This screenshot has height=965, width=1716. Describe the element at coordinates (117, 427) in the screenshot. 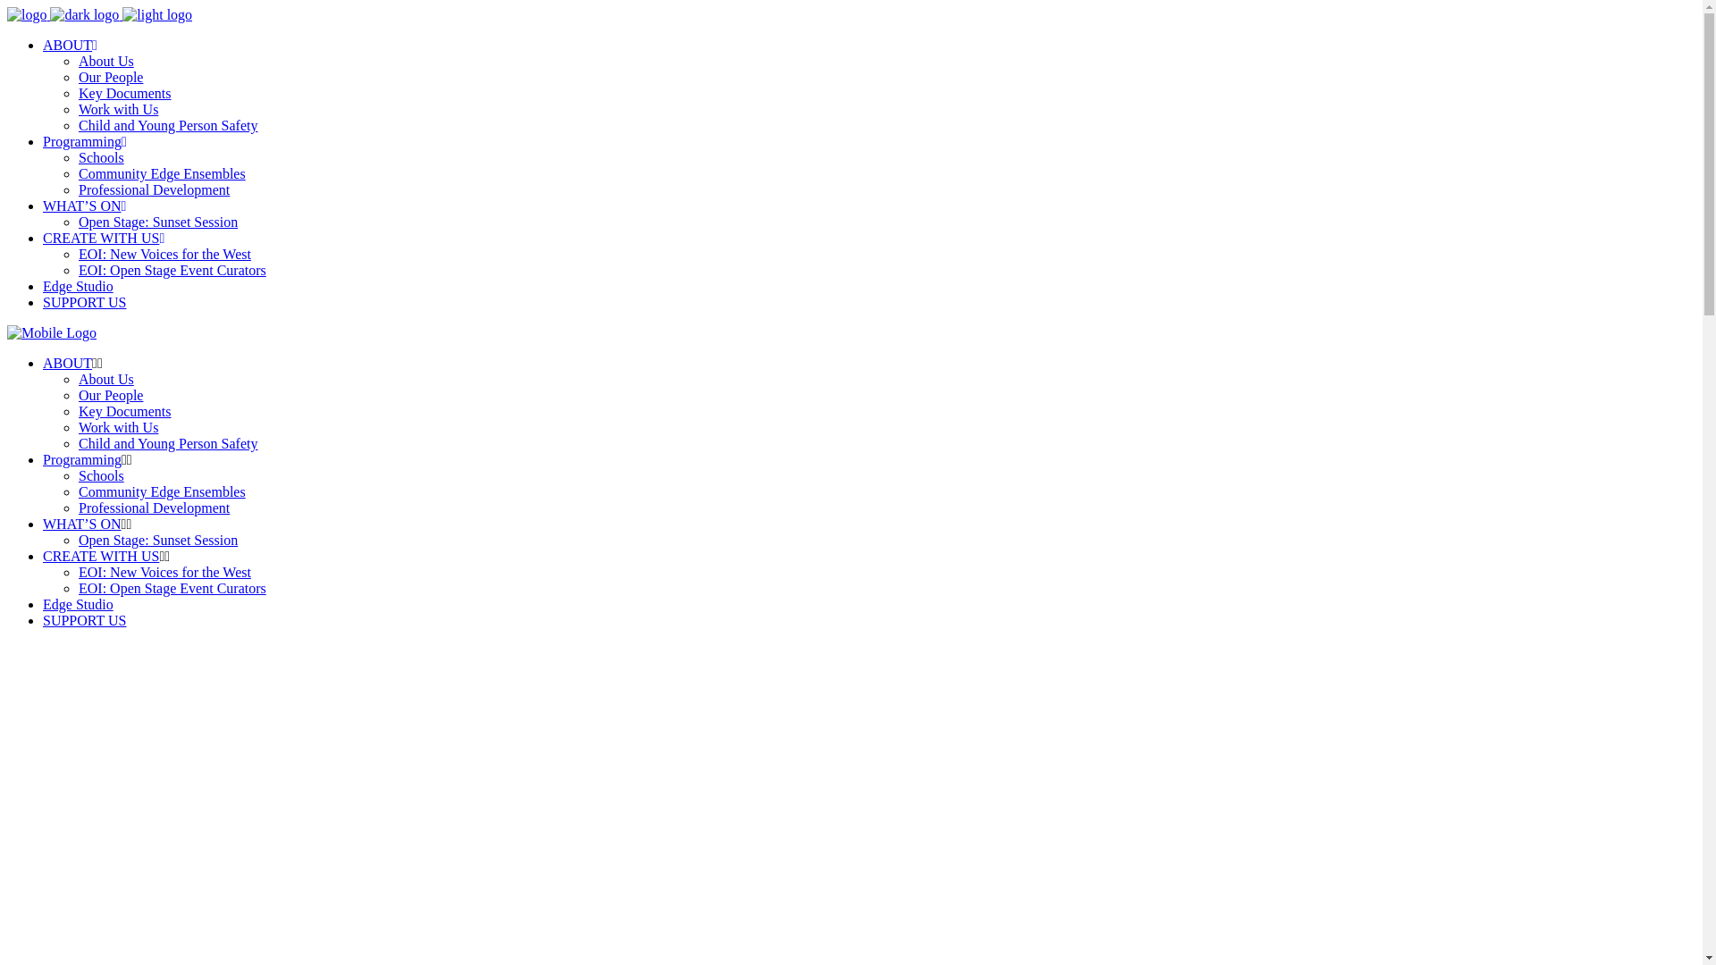

I see `'Work with Us'` at that location.